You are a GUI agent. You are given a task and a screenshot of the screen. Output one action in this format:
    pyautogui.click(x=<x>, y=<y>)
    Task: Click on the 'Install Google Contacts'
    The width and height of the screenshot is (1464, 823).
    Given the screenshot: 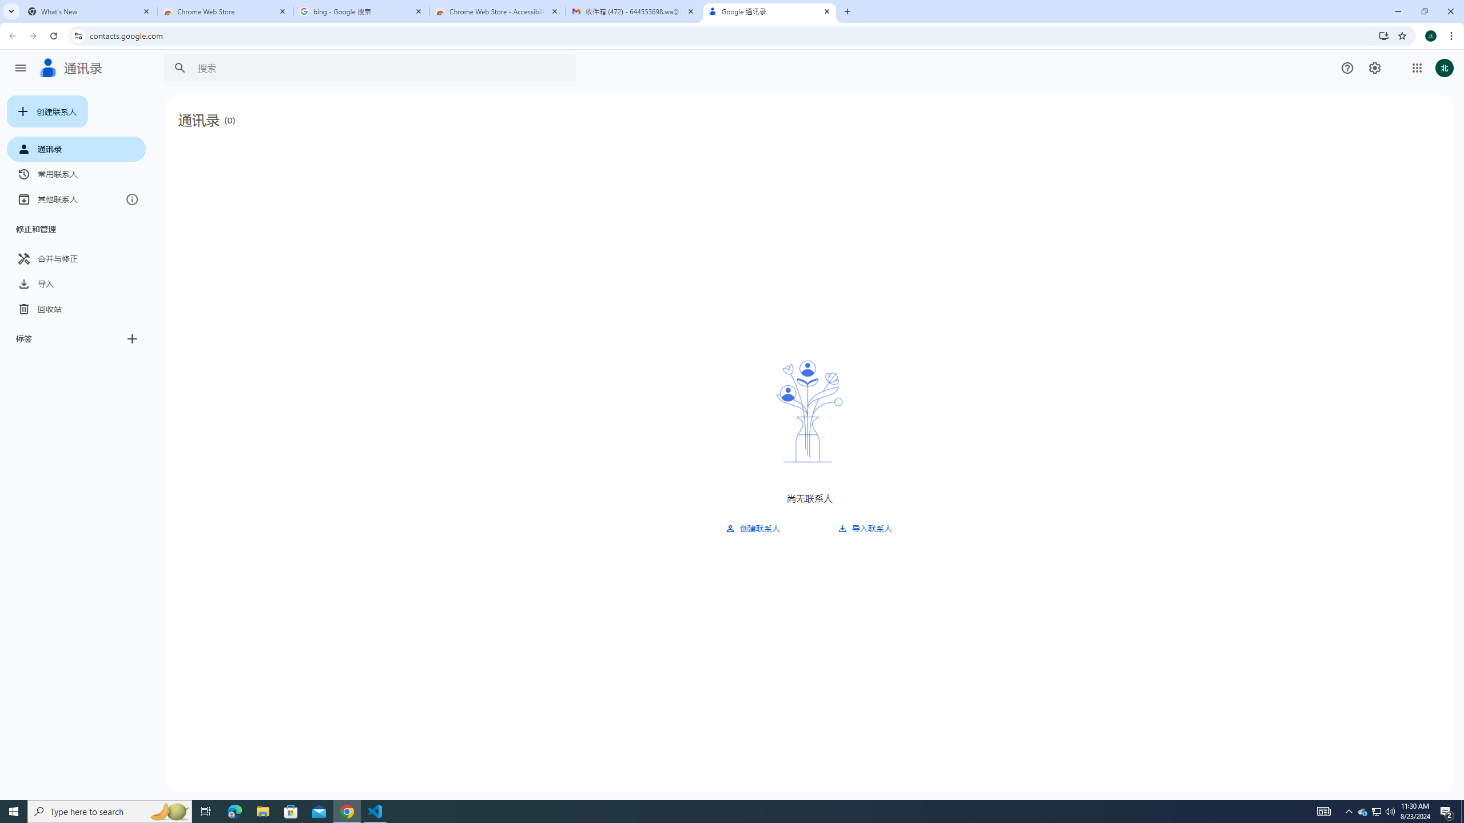 What is the action you would take?
    pyautogui.click(x=1384, y=35)
    